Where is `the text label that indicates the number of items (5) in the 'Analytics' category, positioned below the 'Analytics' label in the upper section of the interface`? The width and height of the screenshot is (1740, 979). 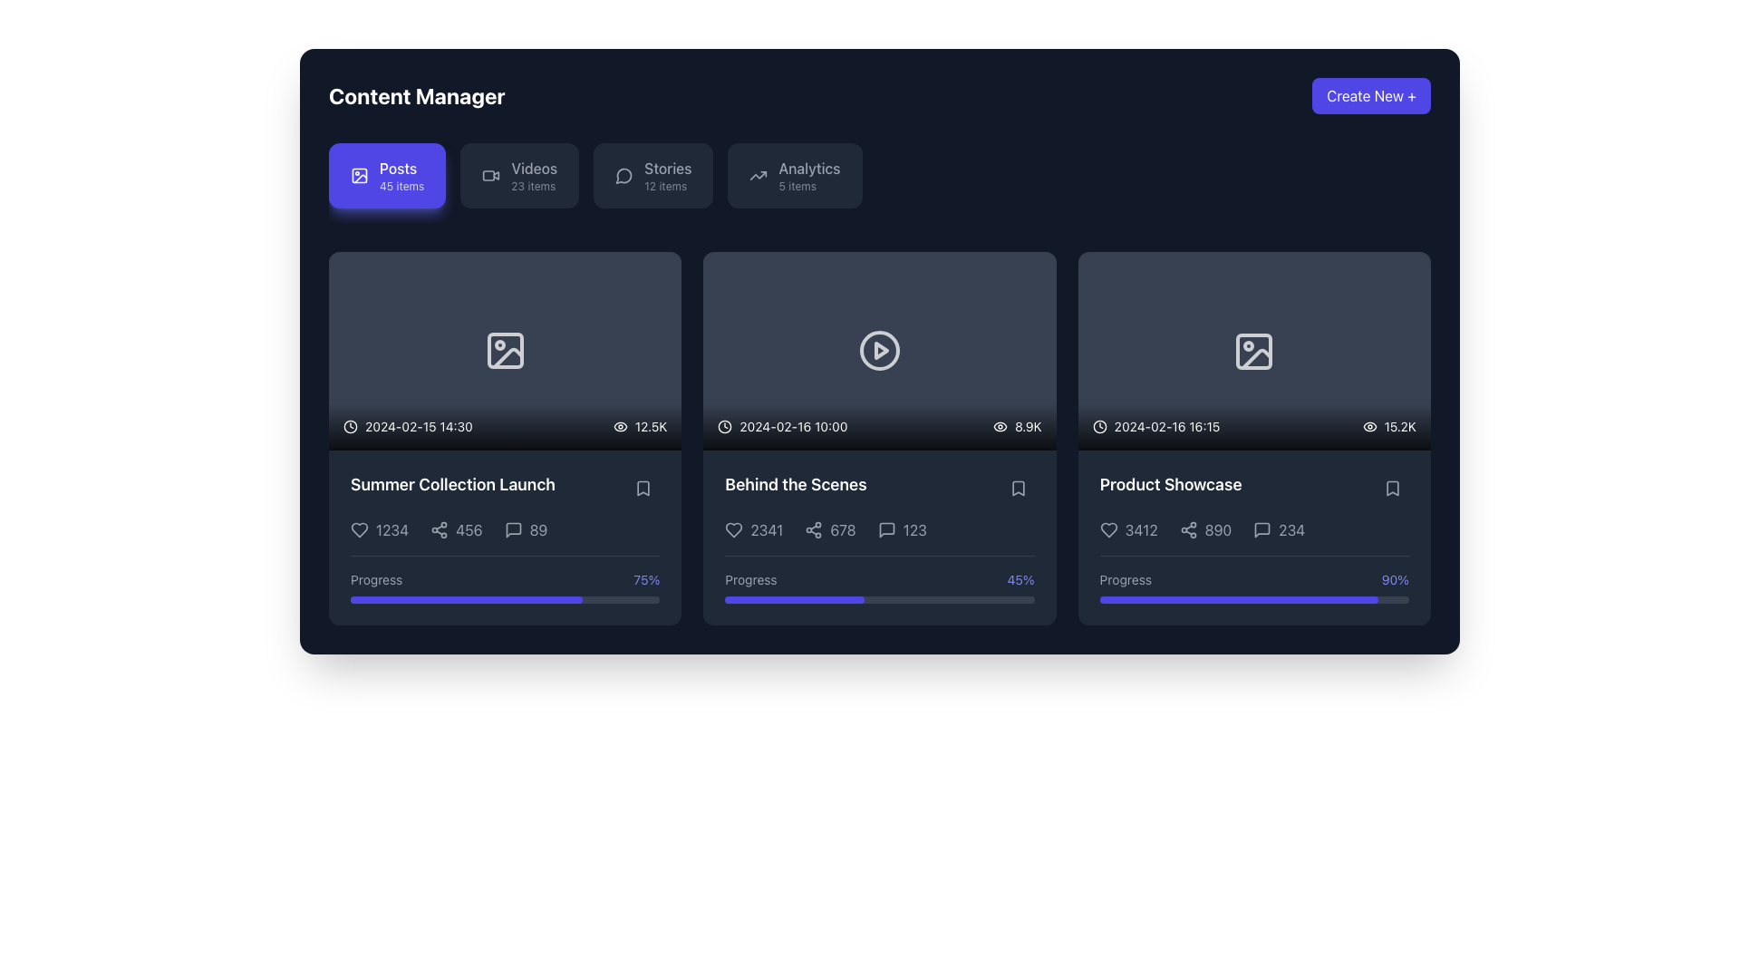
the text label that indicates the number of items (5) in the 'Analytics' category, positioned below the 'Analytics' label in the upper section of the interface is located at coordinates (797, 186).